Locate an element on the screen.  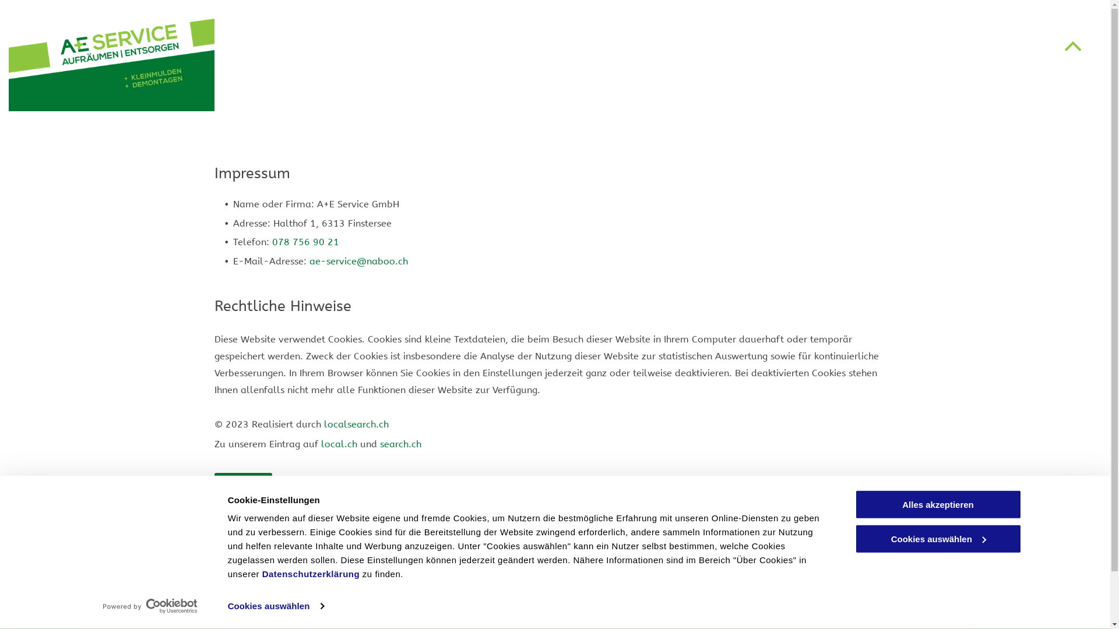
'search.ch' is located at coordinates (400, 444).